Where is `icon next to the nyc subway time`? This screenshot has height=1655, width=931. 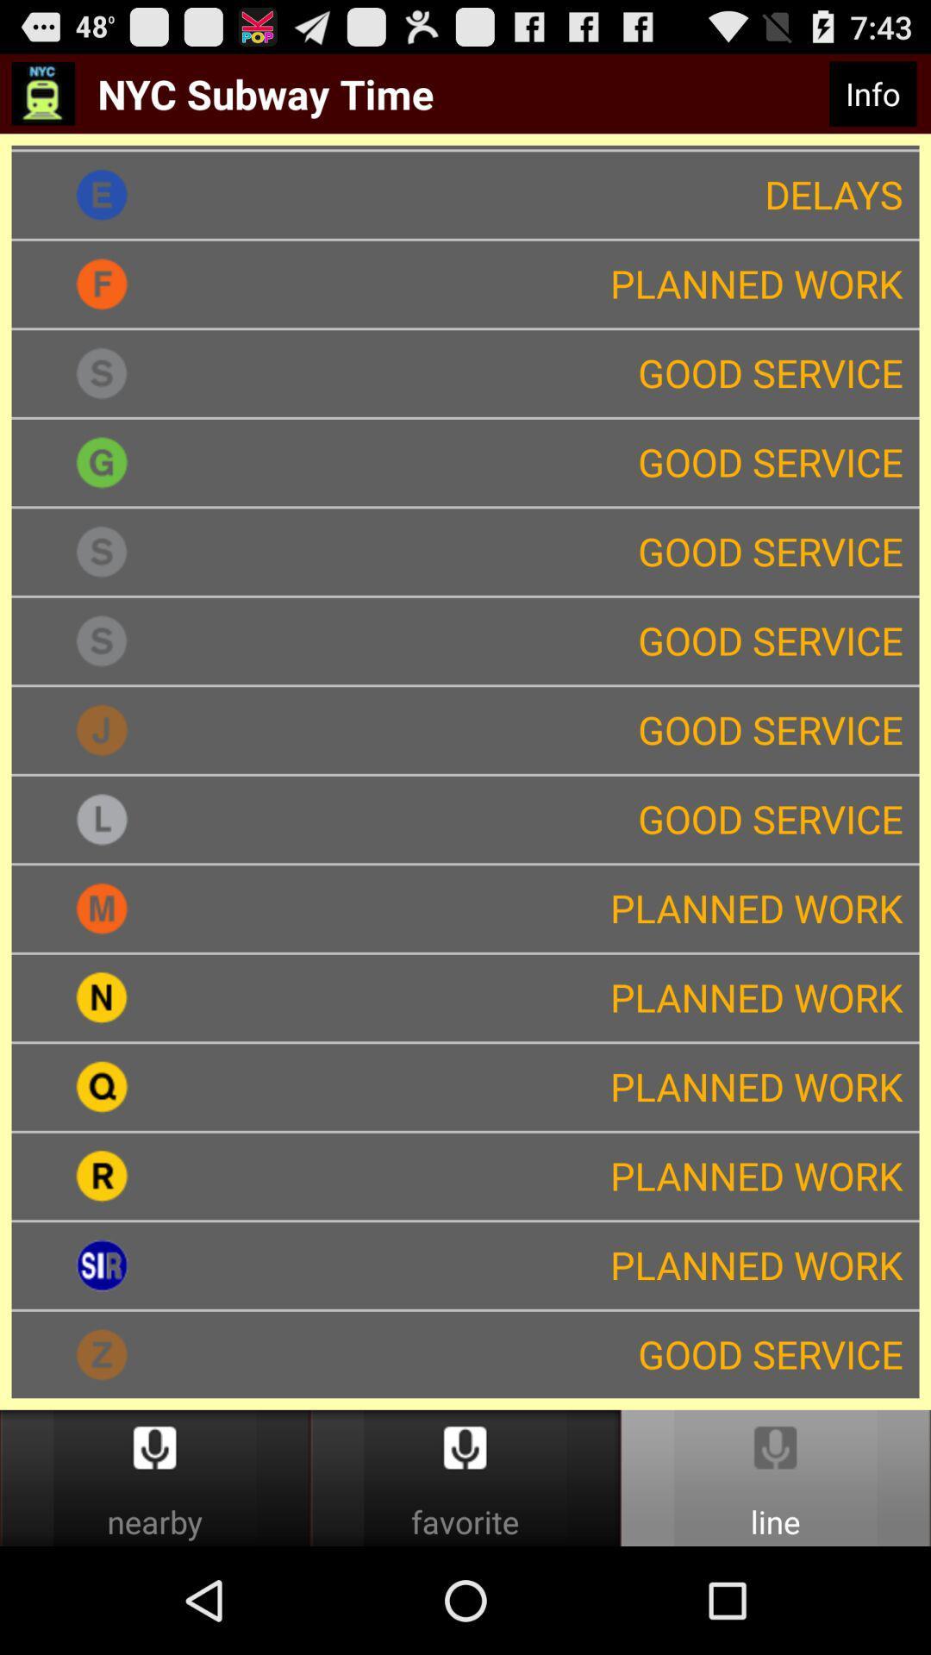 icon next to the nyc subway time is located at coordinates (872, 93).